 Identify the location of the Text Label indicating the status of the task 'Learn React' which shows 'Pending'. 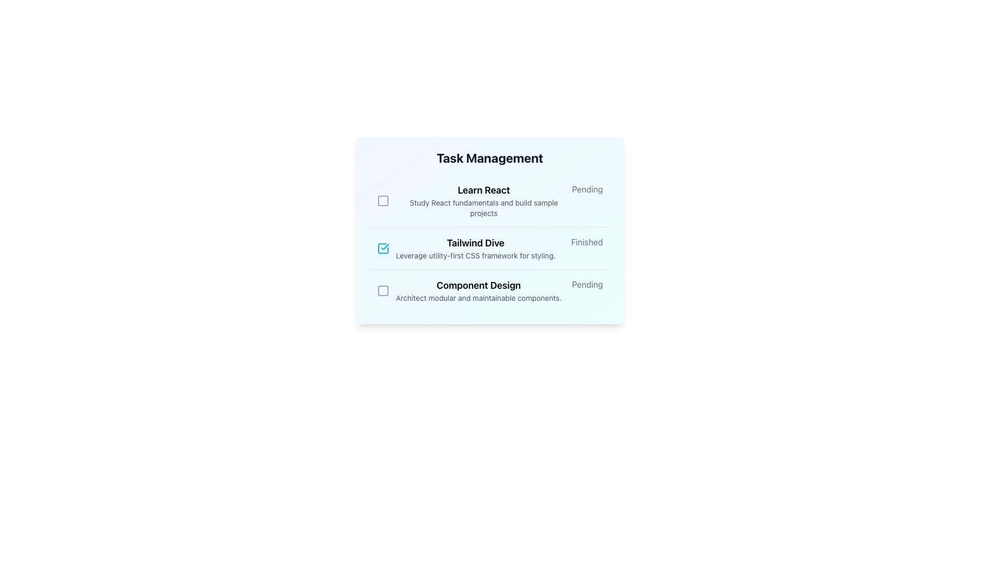
(587, 189).